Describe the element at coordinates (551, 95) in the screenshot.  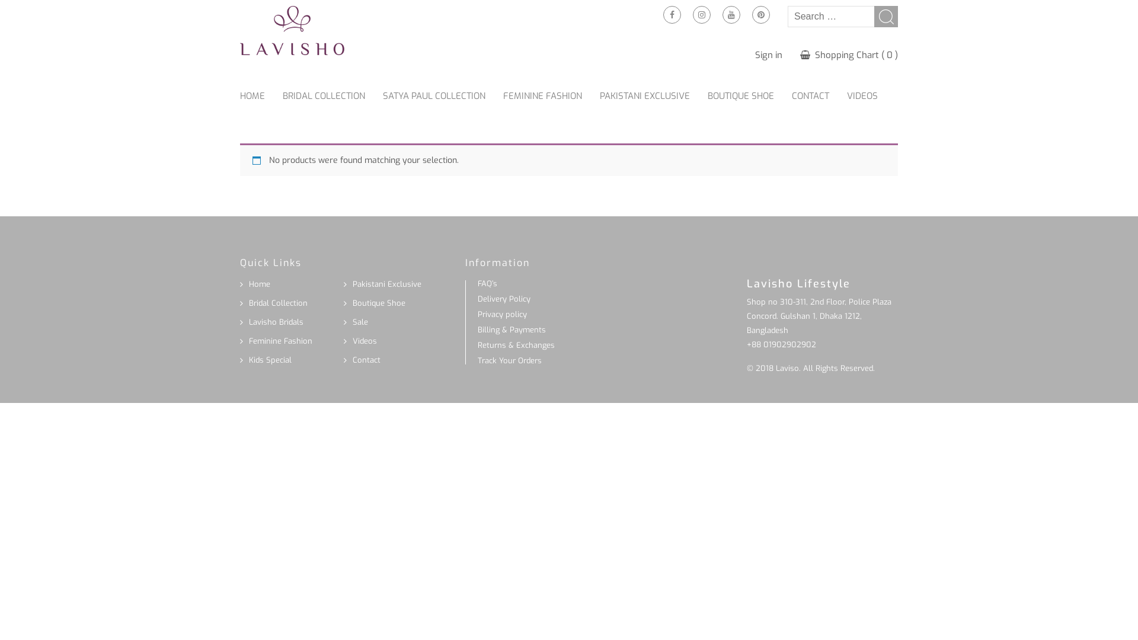
I see `'FEMININE FASHION'` at that location.